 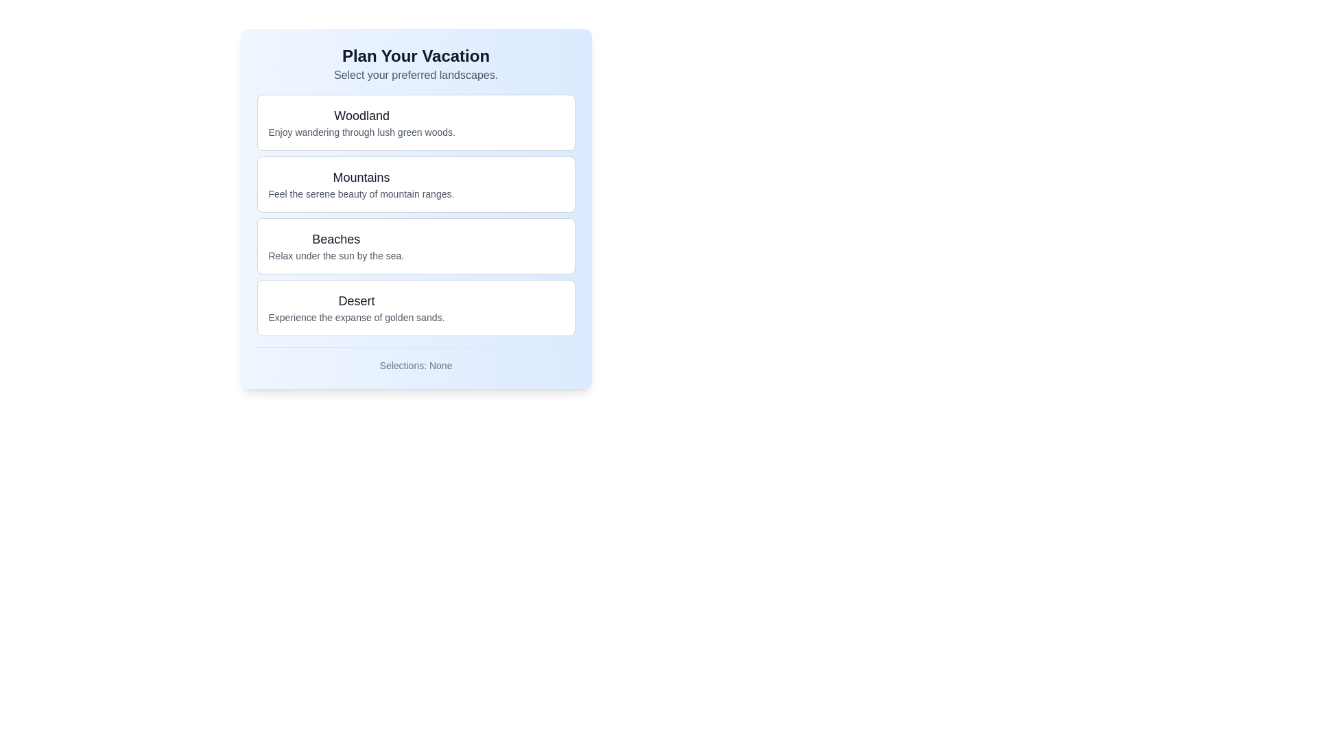 What do you see at coordinates (361, 115) in the screenshot?
I see `the 'Woodland' text label that describes the vacation destination option, positioned above the description text 'Enjoy wandering through lush green woods.'` at bounding box center [361, 115].